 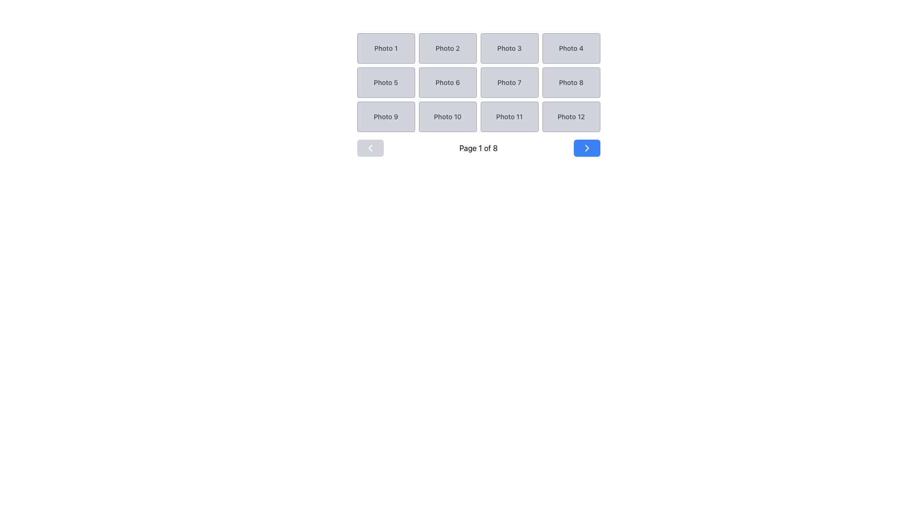 I want to click on the button labeled 'Photo 4', which is a rectangular button with rounded corners, light gray background, and dark gray border, located in the first row and fourth column of the grid, so click(x=570, y=48).